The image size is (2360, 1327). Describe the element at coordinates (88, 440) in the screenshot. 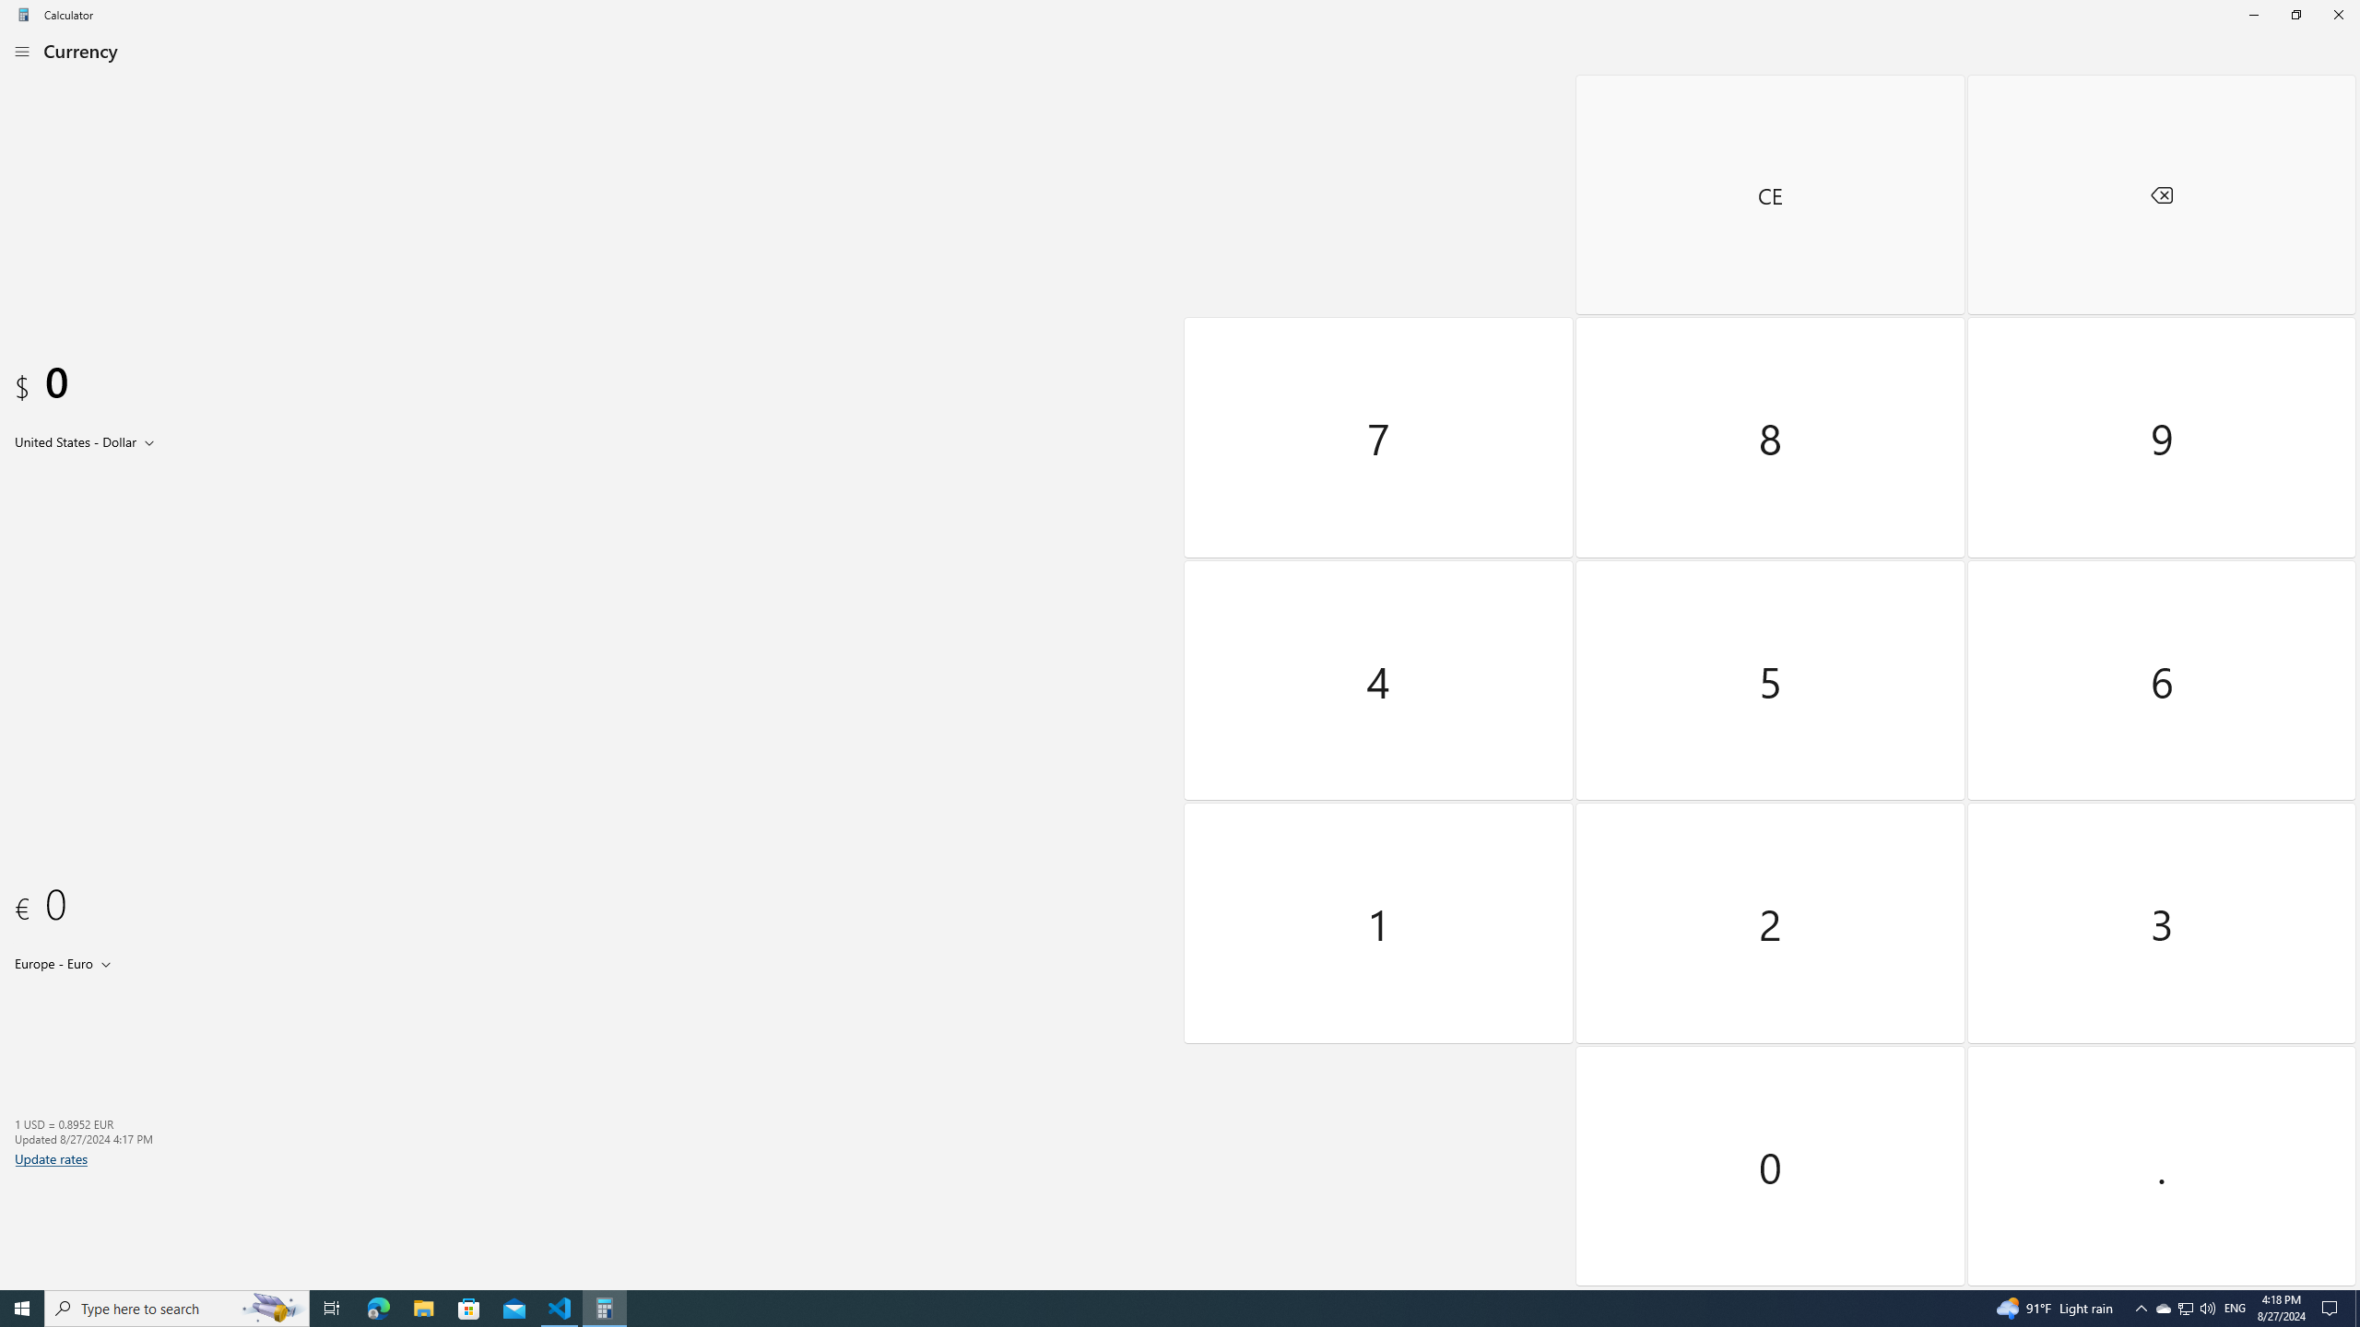

I see `'Input unit'` at that location.